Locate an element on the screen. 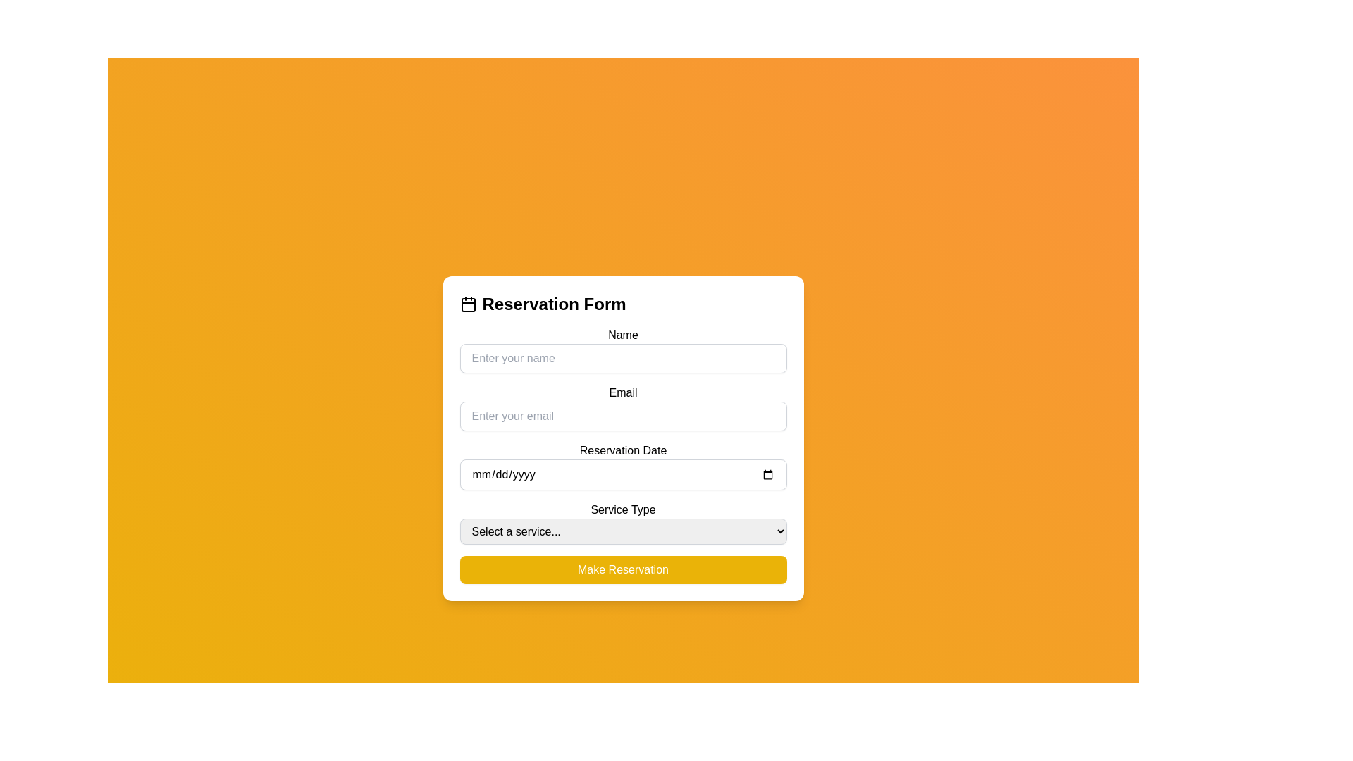 Image resolution: width=1353 pixels, height=761 pixels. header text 'Reservation Form' from the section header that contains a calendar icon to the left, positioned at the top of the form section box is located at coordinates (622, 303).